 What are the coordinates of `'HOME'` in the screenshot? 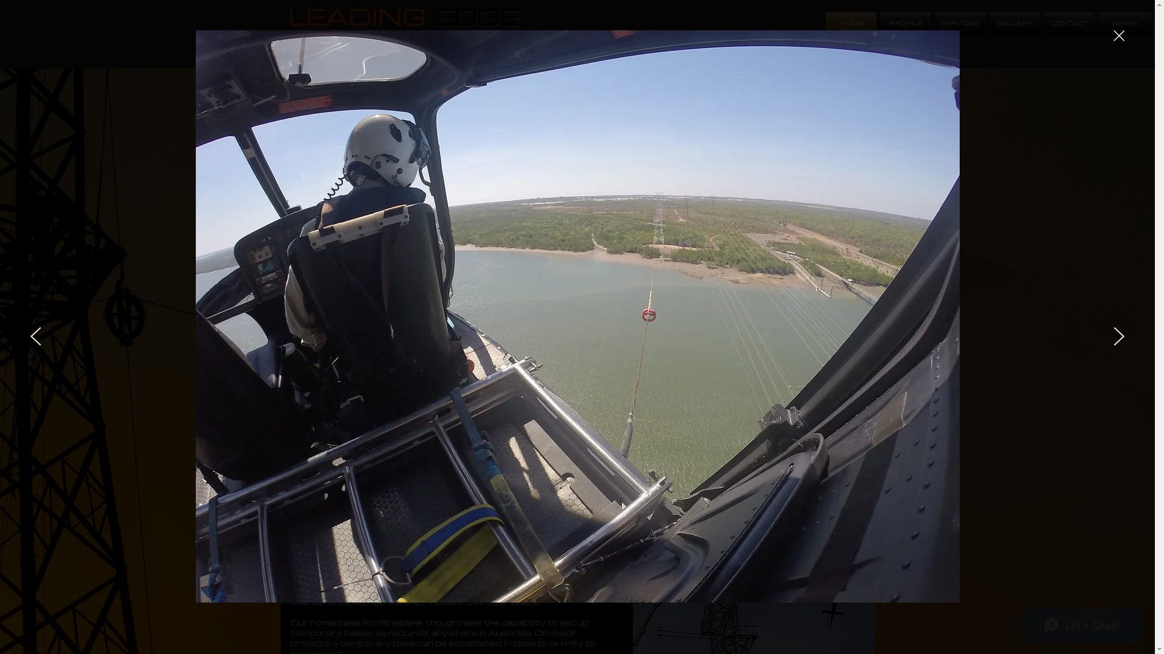 It's located at (850, 23).